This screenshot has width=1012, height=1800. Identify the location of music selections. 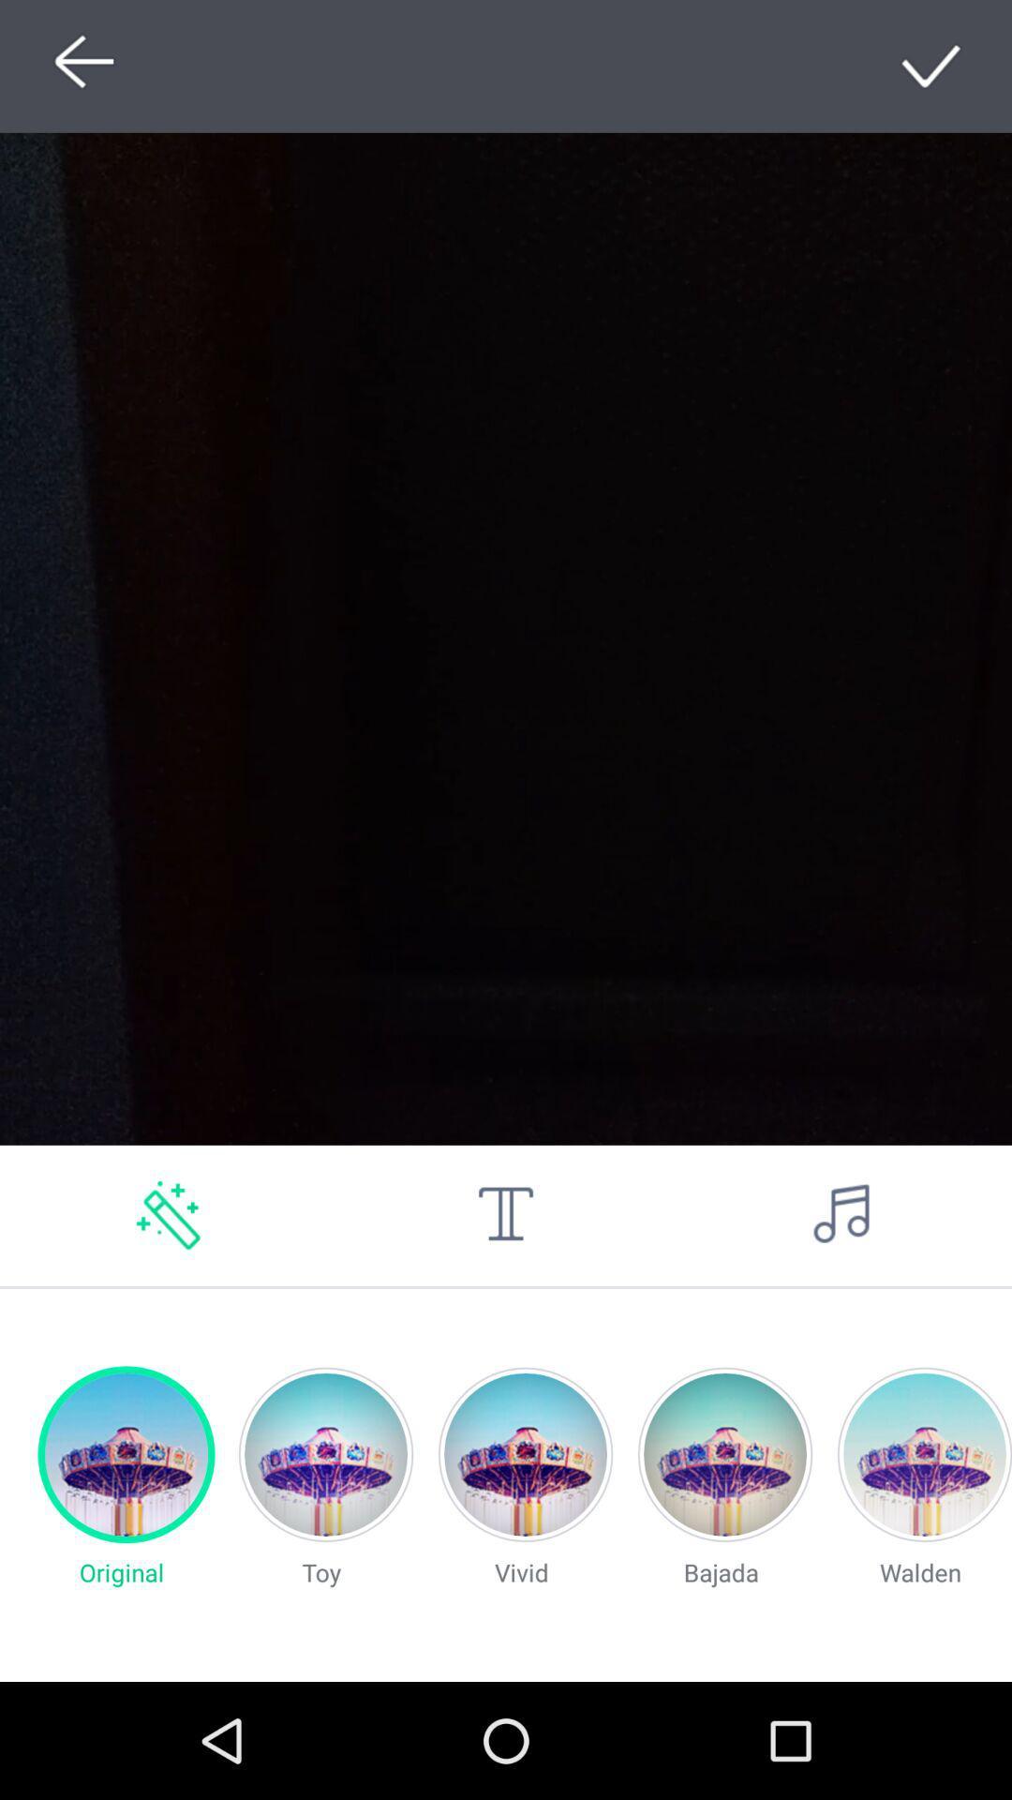
(841, 1215).